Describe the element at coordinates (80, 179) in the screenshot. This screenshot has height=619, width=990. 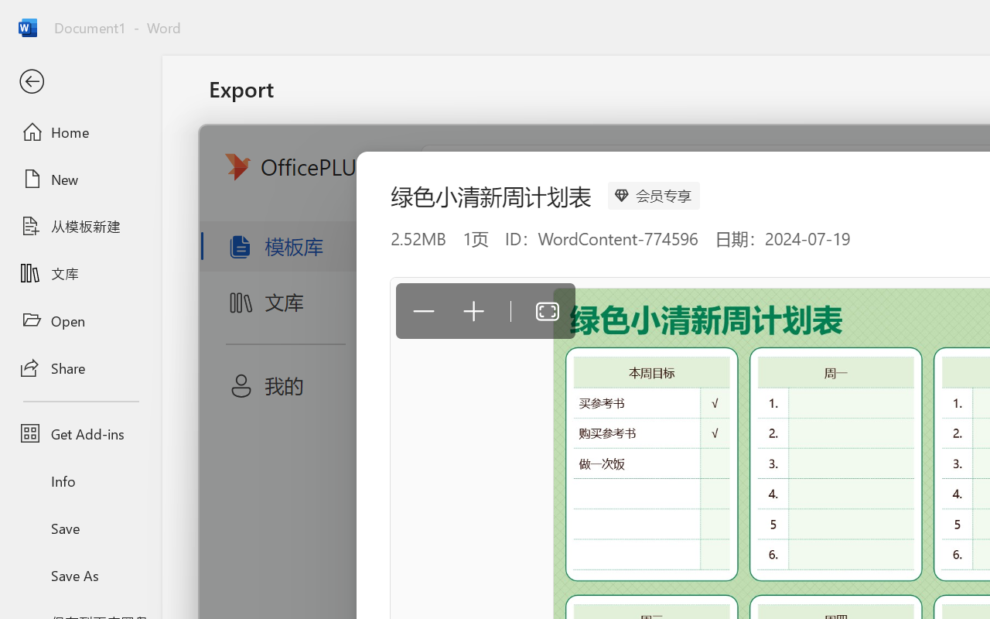
I see `'New'` at that location.